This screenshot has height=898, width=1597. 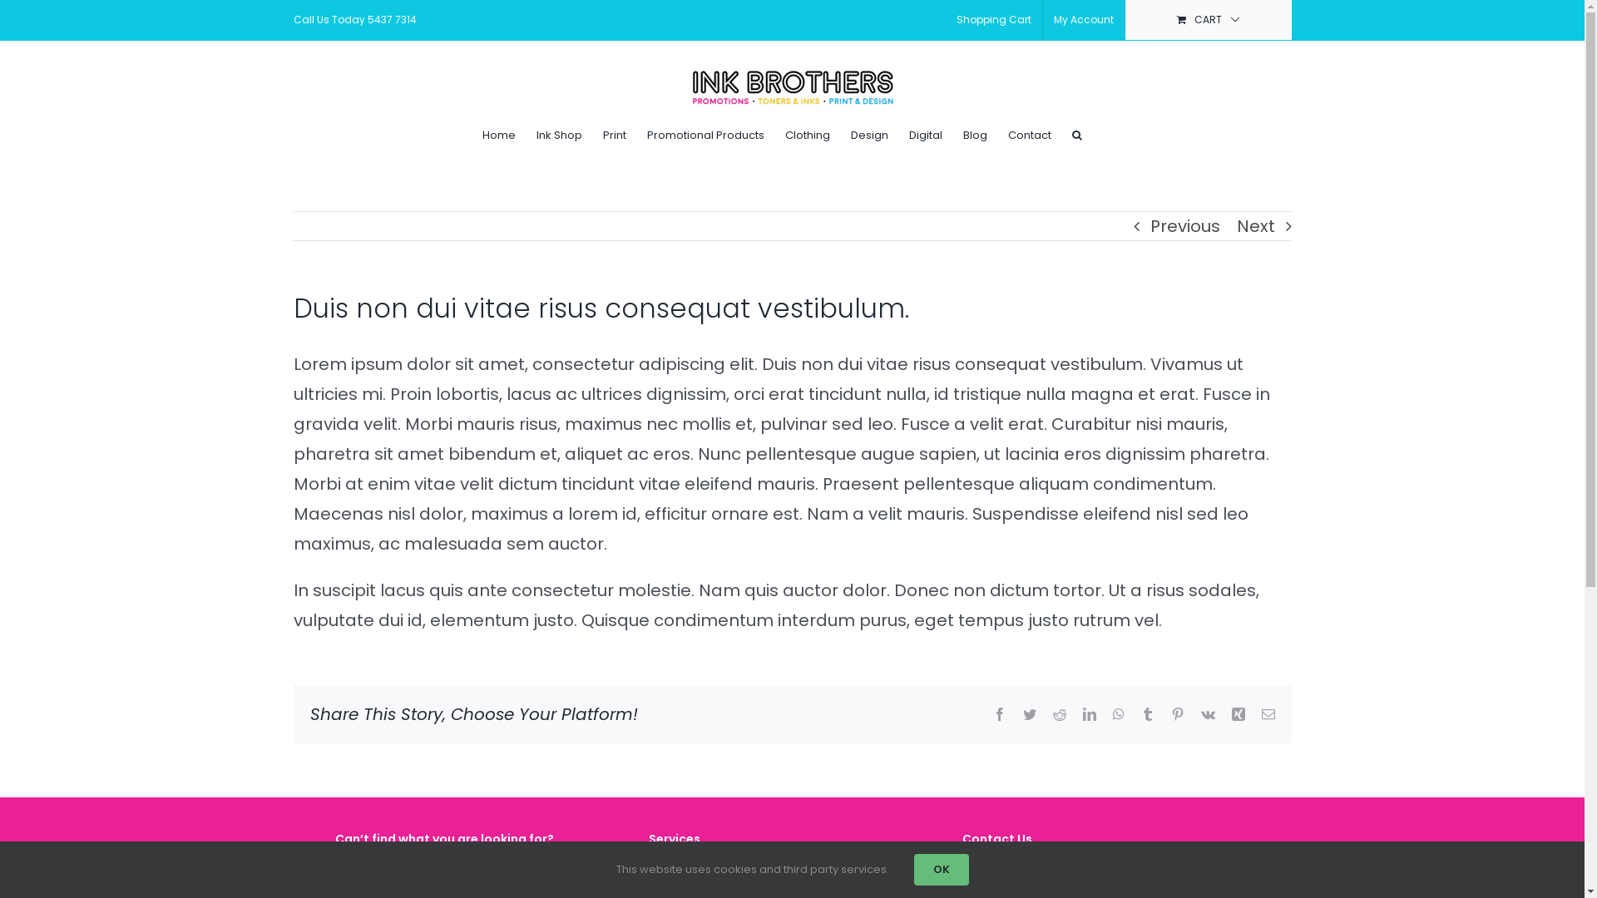 What do you see at coordinates (558, 134) in the screenshot?
I see `'Ink Shop'` at bounding box center [558, 134].